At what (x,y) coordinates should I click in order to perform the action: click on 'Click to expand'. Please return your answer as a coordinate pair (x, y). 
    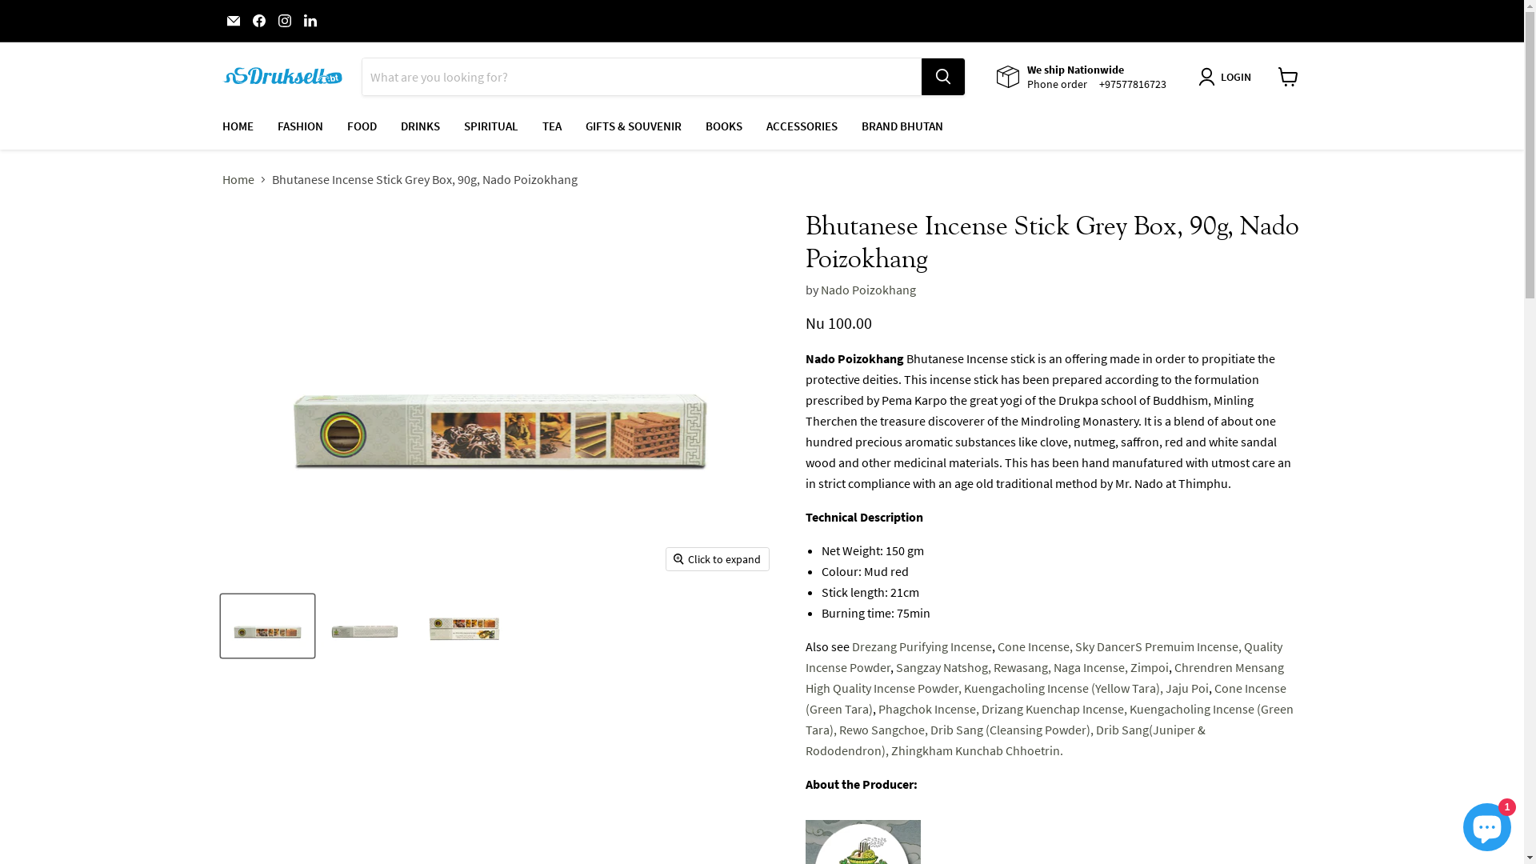
    Looking at the image, I should click on (666, 558).